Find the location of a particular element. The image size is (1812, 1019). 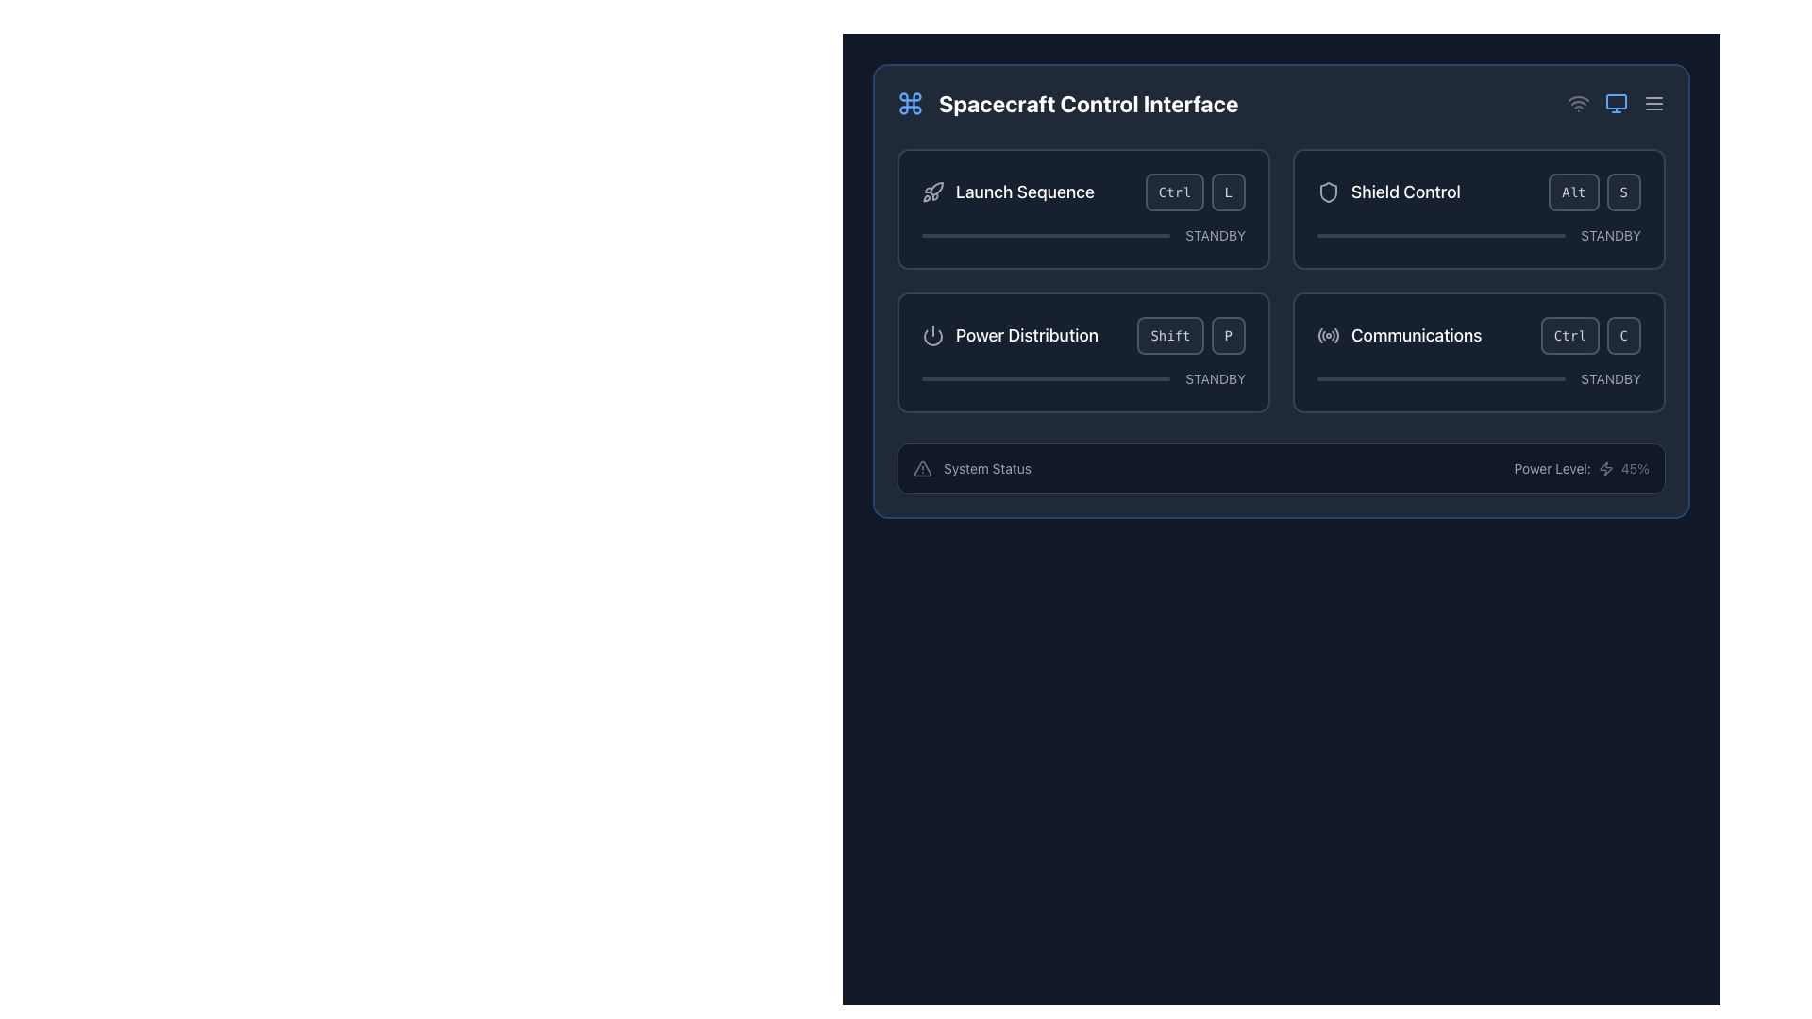

the progress bar or status indicator located in the 'Launch Sequence' section of the control panel, positioned beneath the 'Launch Sequence' label and in the same row as the 'STANDBY' label is located at coordinates (1045, 235).